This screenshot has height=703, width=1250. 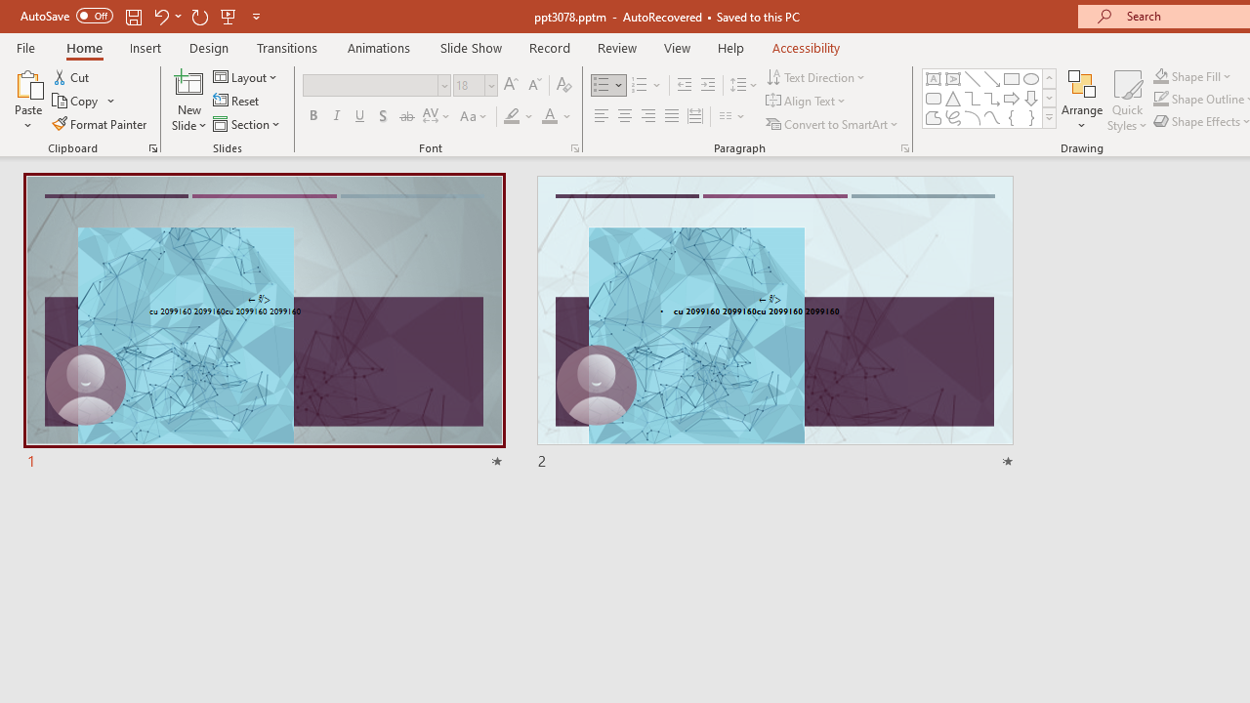 What do you see at coordinates (245, 76) in the screenshot?
I see `'Layout'` at bounding box center [245, 76].